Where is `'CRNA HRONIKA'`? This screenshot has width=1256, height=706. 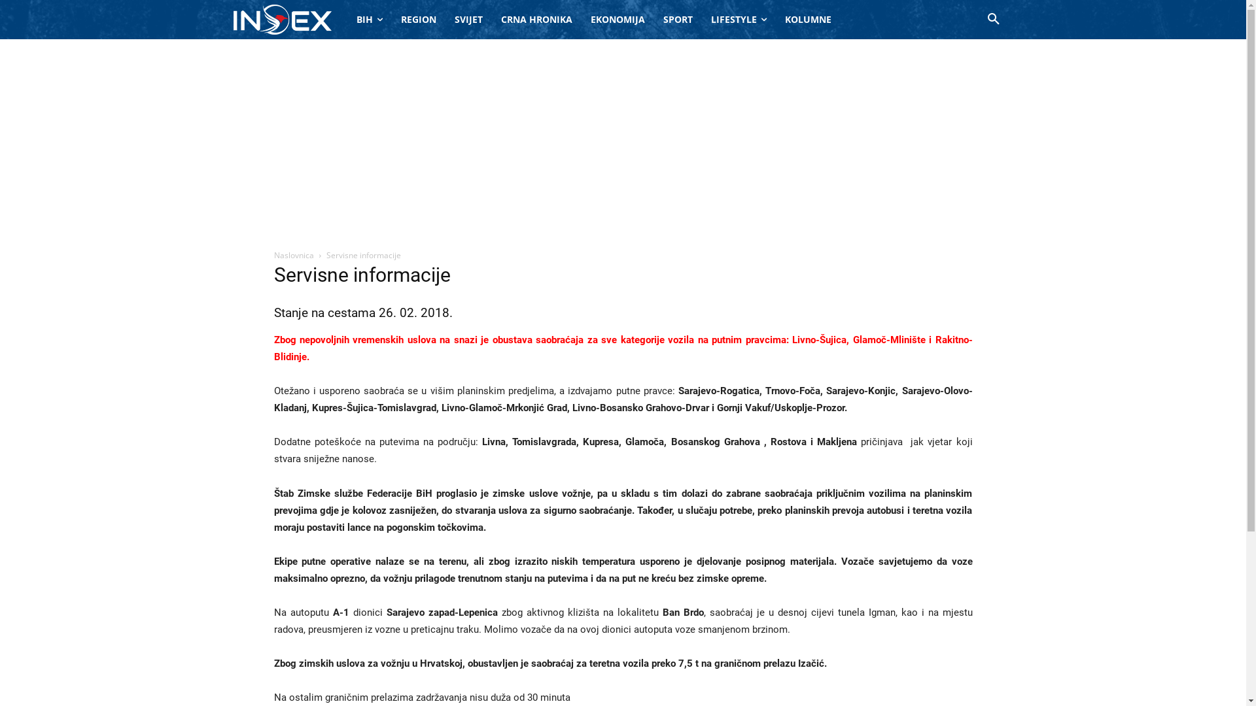 'CRNA HRONIKA' is located at coordinates (536, 20).